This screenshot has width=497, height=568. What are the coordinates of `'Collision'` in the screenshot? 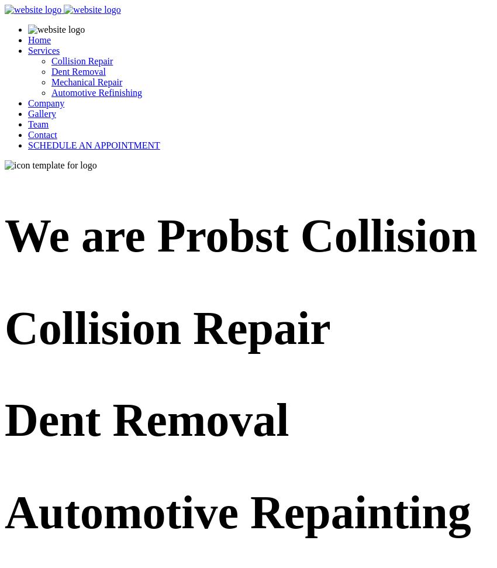 It's located at (98, 327).